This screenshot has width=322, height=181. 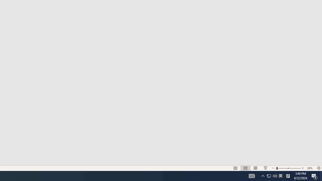 What do you see at coordinates (310, 168) in the screenshot?
I see `'Zoom 26%'` at bounding box center [310, 168].